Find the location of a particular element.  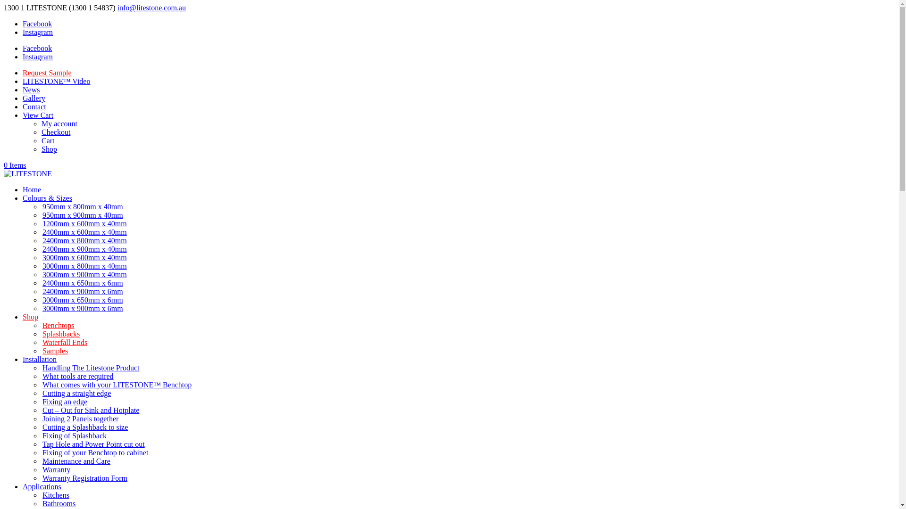

'Installation' is located at coordinates (39, 359).